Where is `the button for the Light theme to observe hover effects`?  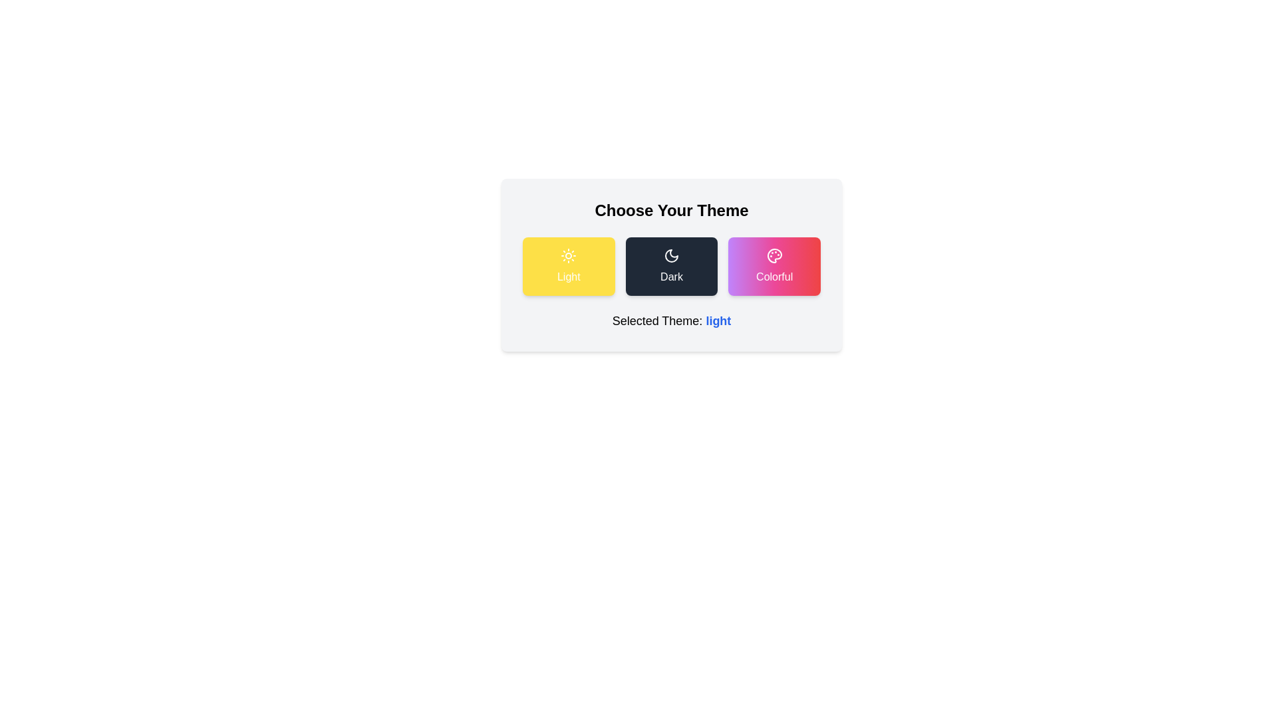 the button for the Light theme to observe hover effects is located at coordinates (568, 267).